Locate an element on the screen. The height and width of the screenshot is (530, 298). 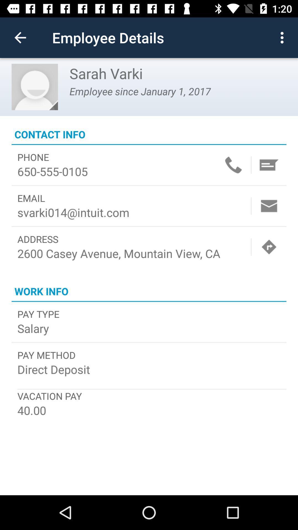
icon to the left of employee details icon is located at coordinates (20, 37).